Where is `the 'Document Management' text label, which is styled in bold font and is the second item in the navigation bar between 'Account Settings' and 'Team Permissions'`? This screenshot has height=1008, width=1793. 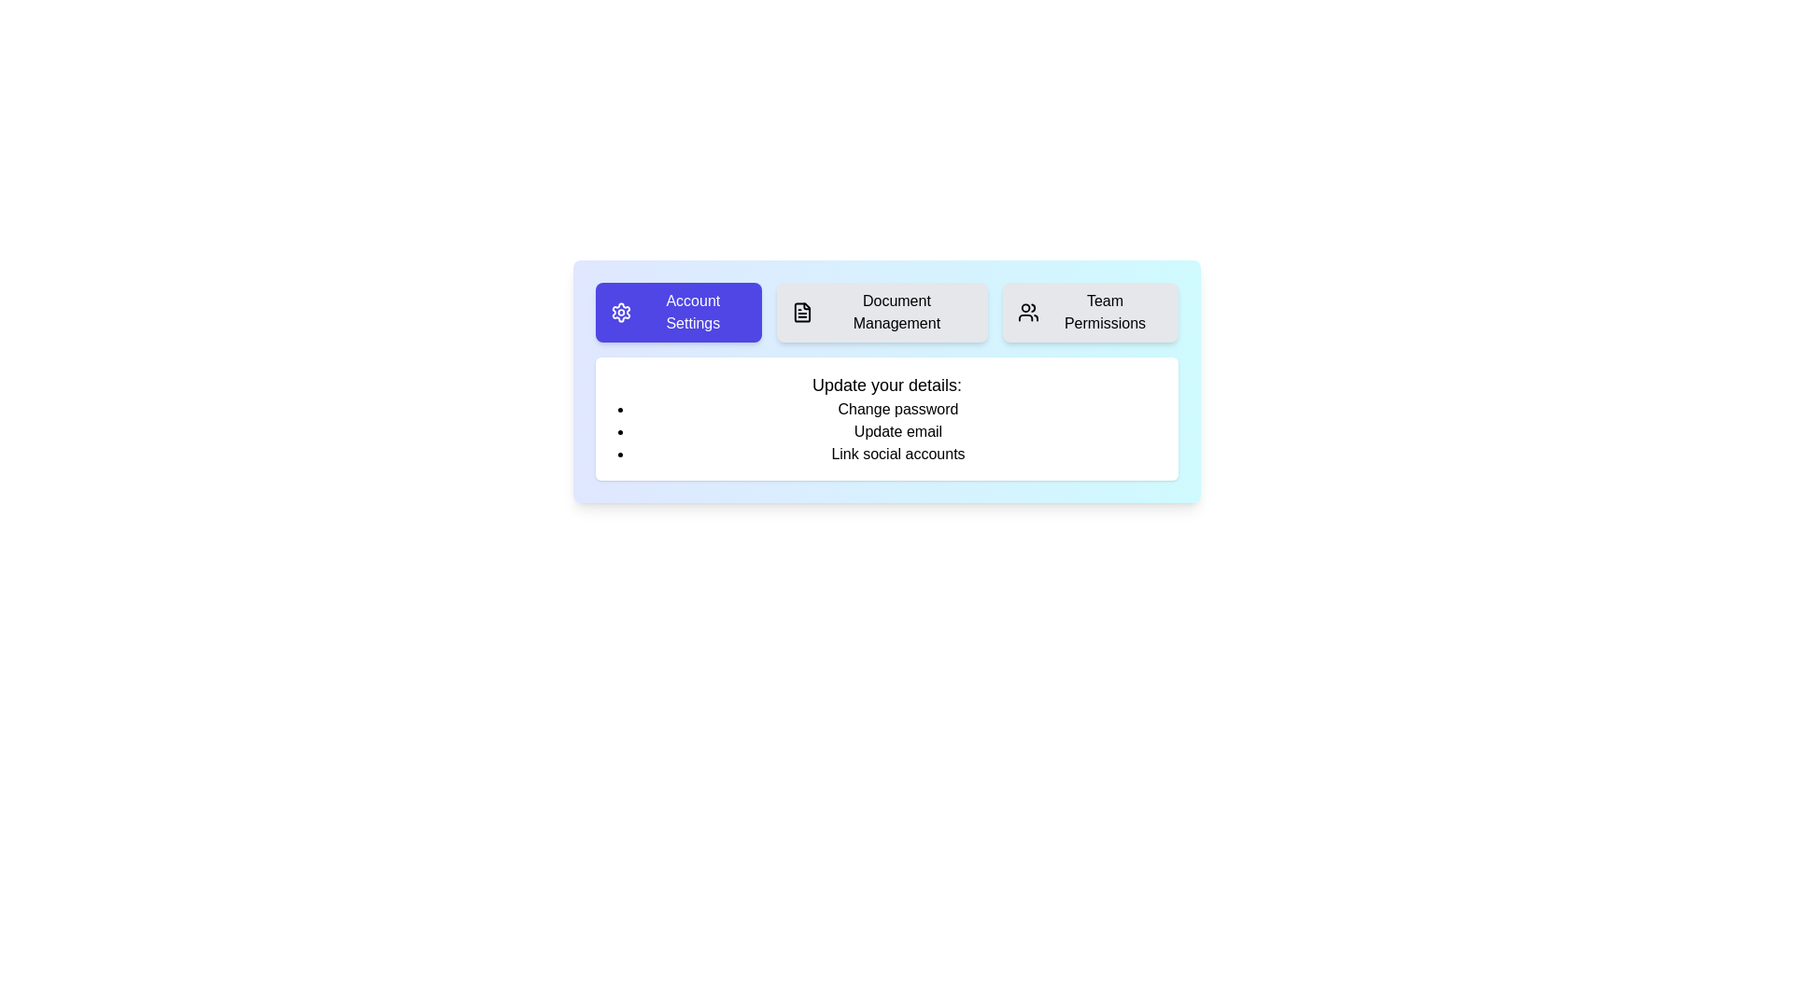
the 'Document Management' text label, which is styled in bold font and is the second item in the navigation bar between 'Account Settings' and 'Team Permissions' is located at coordinates (896, 312).